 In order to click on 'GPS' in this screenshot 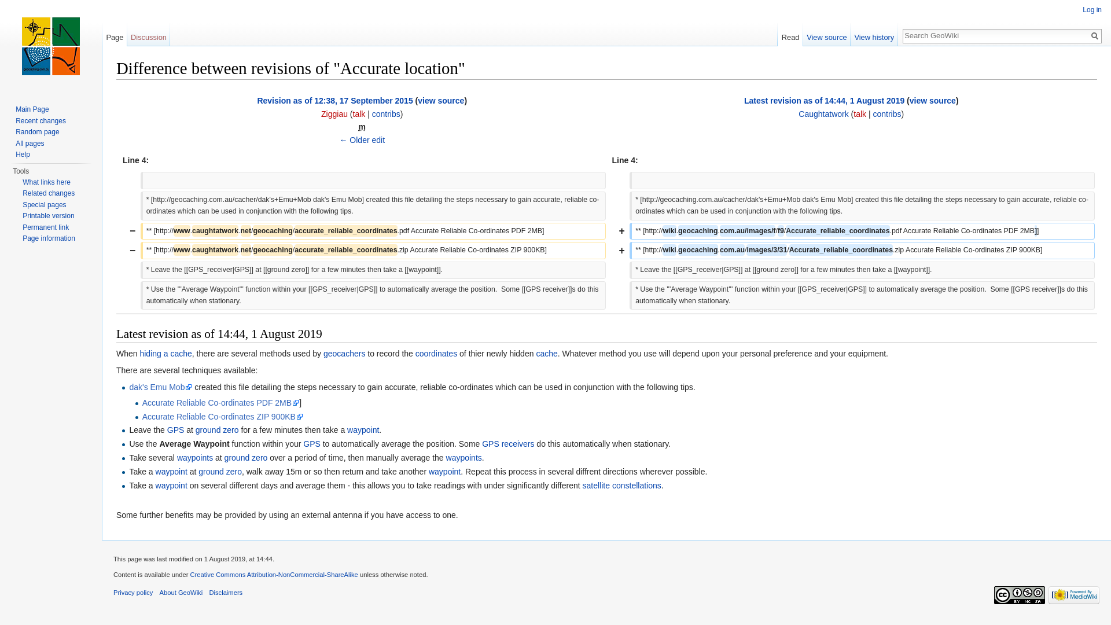, I will do `click(175, 430)`.